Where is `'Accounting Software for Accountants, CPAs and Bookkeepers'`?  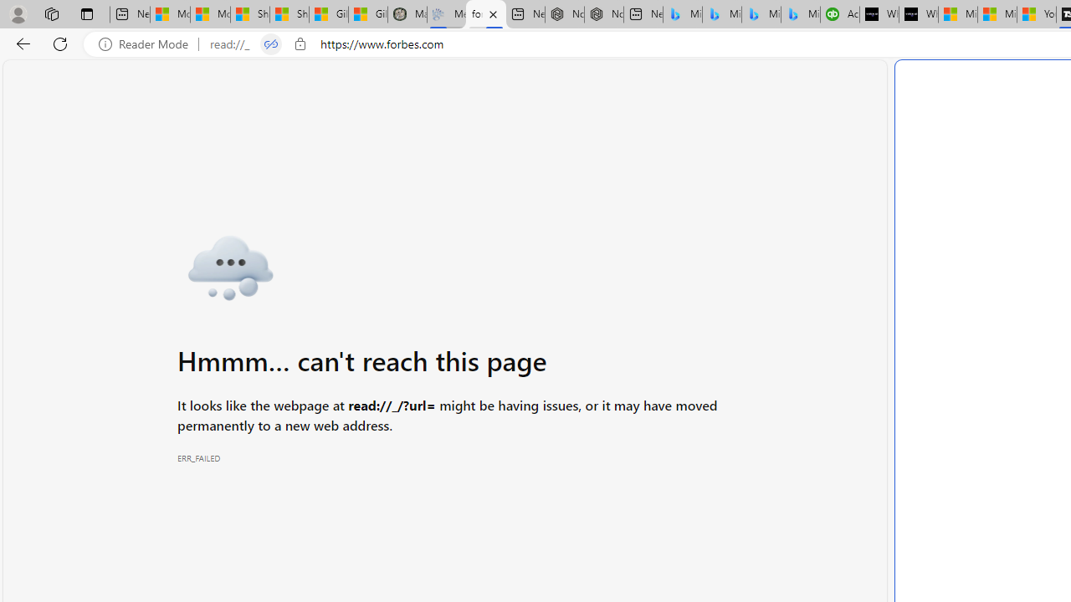
'Accounting Software for Accountants, CPAs and Bookkeepers' is located at coordinates (839, 14).